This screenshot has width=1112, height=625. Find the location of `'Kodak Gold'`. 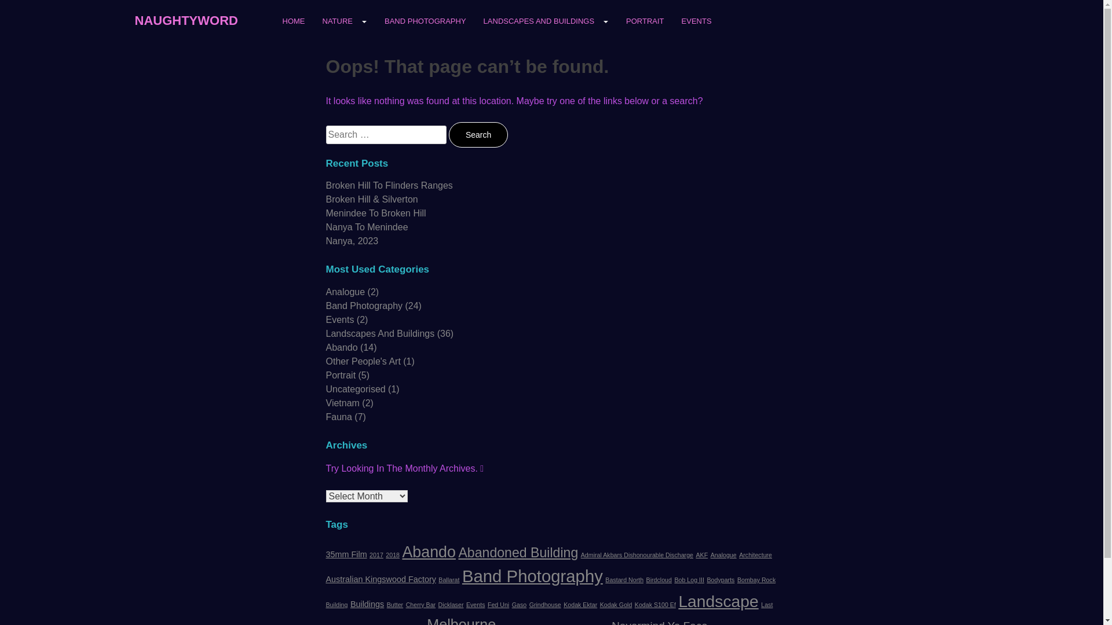

'Kodak Gold' is located at coordinates (616, 604).